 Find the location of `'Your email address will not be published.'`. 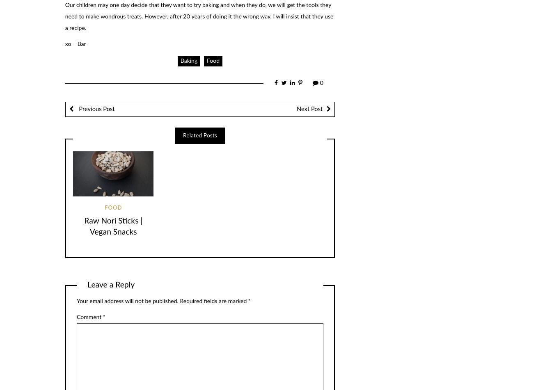

'Your email address will not be published.' is located at coordinates (127, 301).